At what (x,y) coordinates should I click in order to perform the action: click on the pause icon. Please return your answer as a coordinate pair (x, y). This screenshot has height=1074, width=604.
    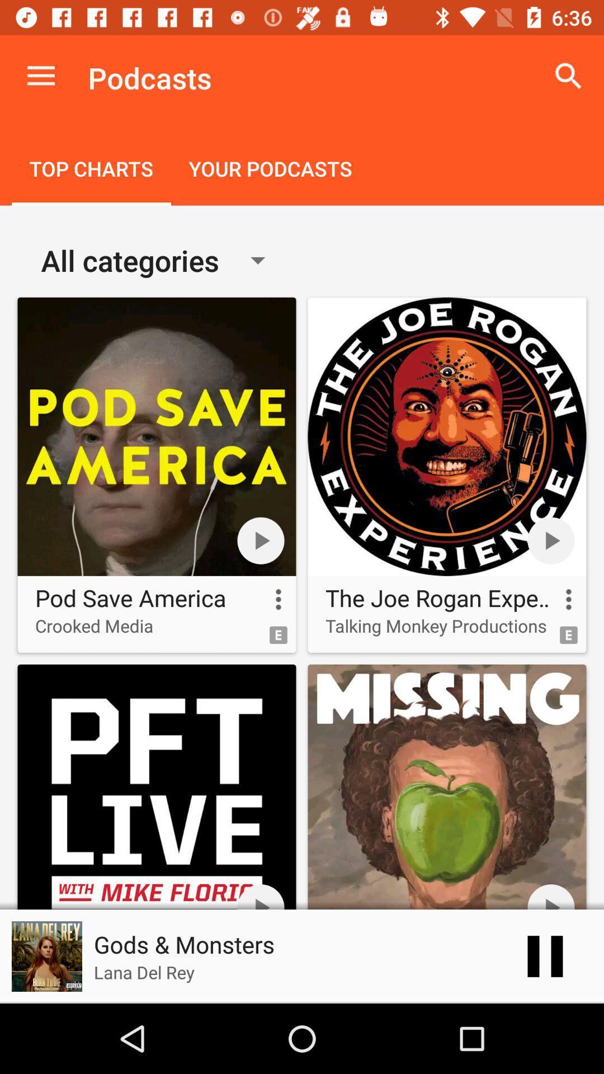
    Looking at the image, I should click on (545, 955).